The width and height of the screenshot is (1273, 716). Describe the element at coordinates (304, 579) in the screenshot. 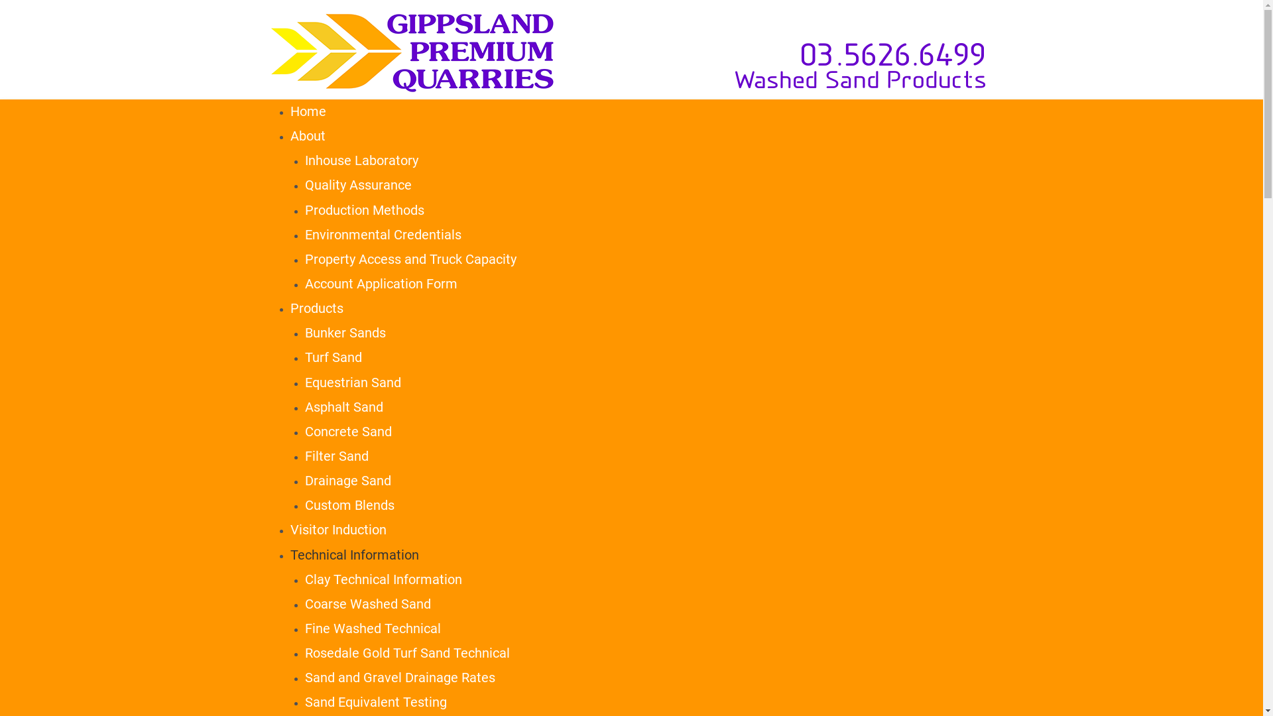

I see `'Clay Technical Information'` at that location.